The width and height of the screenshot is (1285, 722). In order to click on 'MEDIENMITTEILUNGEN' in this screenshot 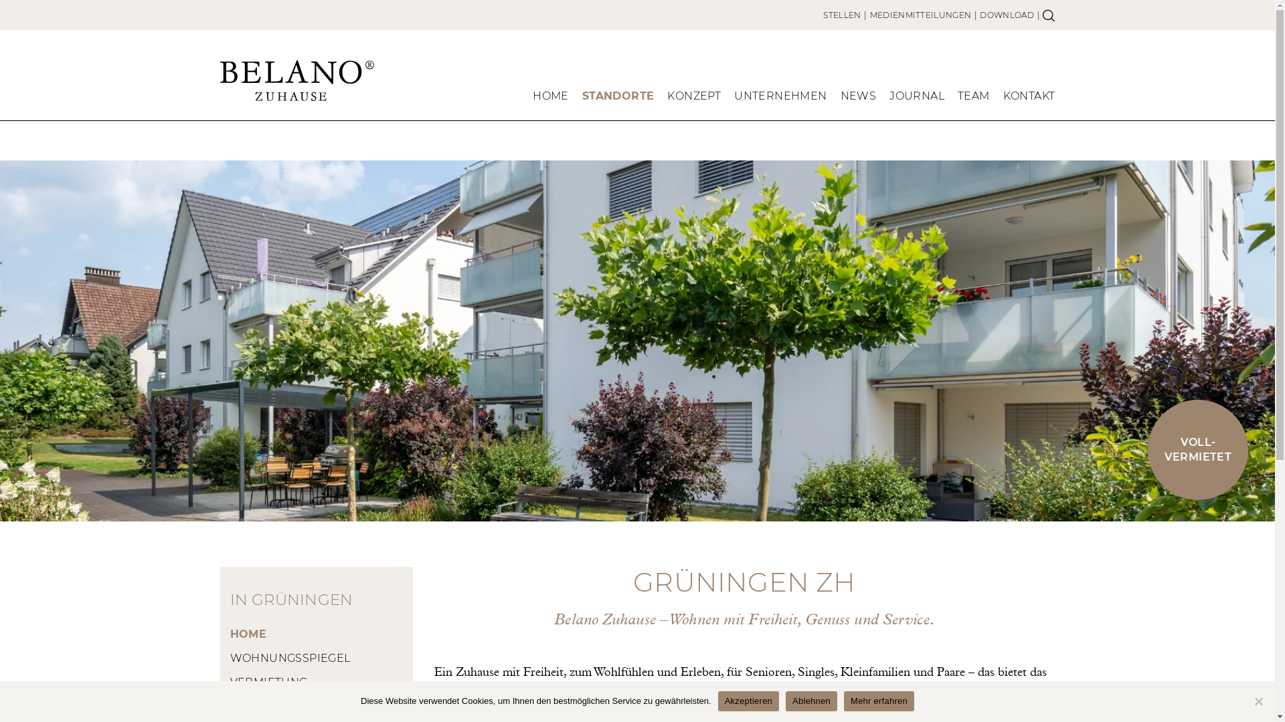, I will do `click(920, 15)`.